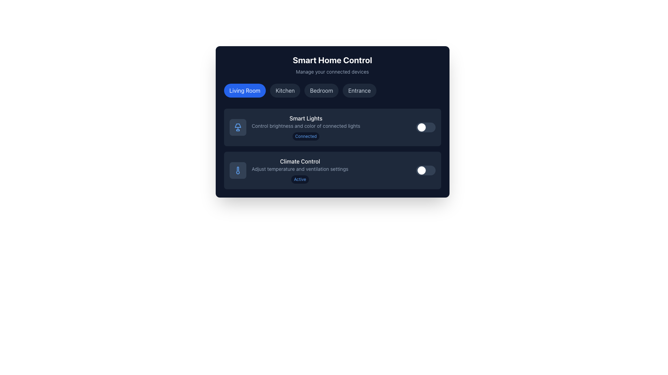 This screenshot has width=668, height=375. Describe the element at coordinates (332, 170) in the screenshot. I see `the 'Active' tag within the Card-like UI component labeled 'Climate Control'` at that location.